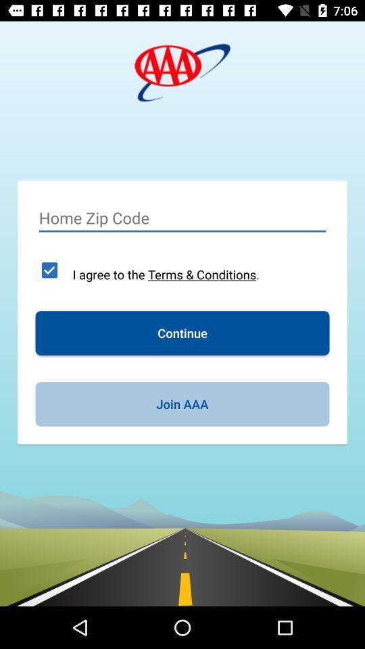 The width and height of the screenshot is (365, 649). What do you see at coordinates (182, 332) in the screenshot?
I see `continue` at bounding box center [182, 332].